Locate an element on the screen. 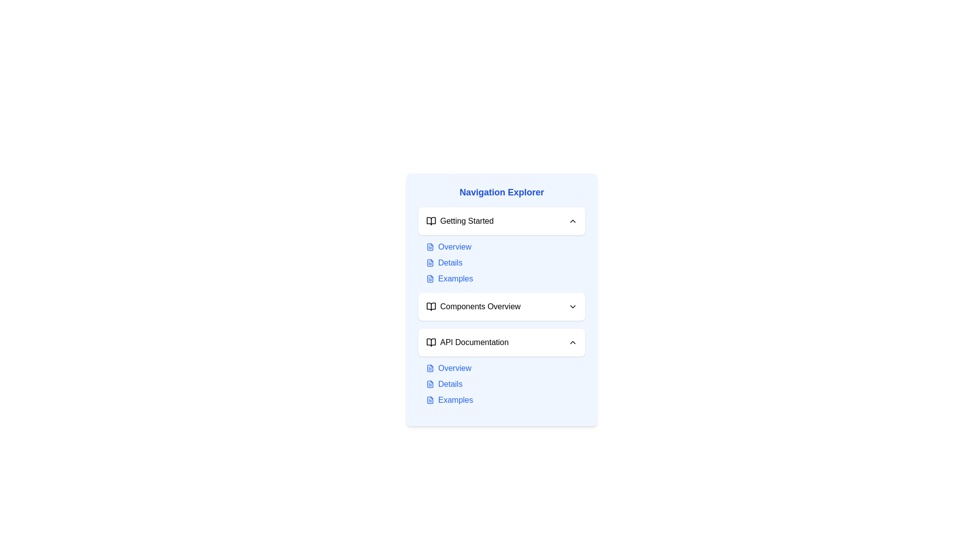 The width and height of the screenshot is (954, 537). the 'Examples' hyperlink, styled with a blue font and an underline effect, located under the 'API Documentation' section of the navigation menu is located at coordinates (505, 400).